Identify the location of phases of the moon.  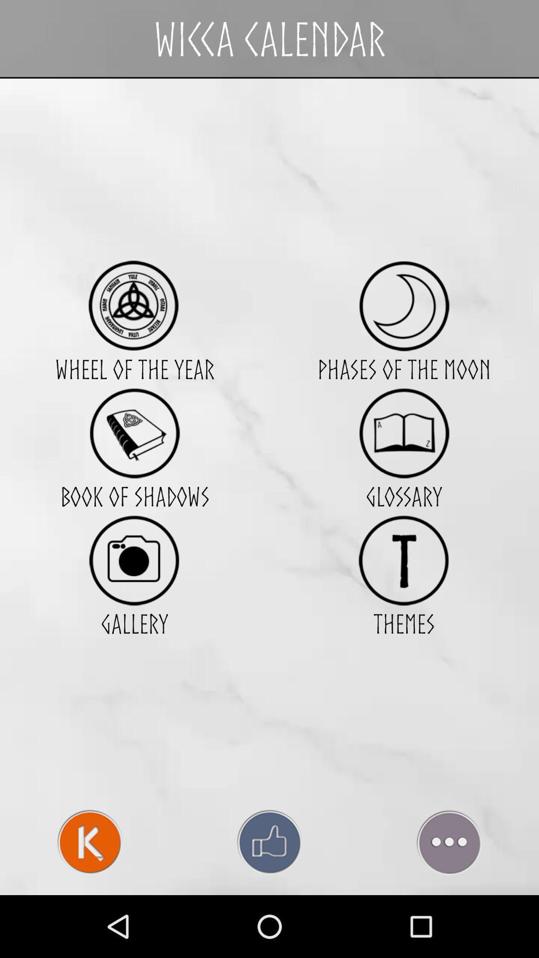
(403, 305).